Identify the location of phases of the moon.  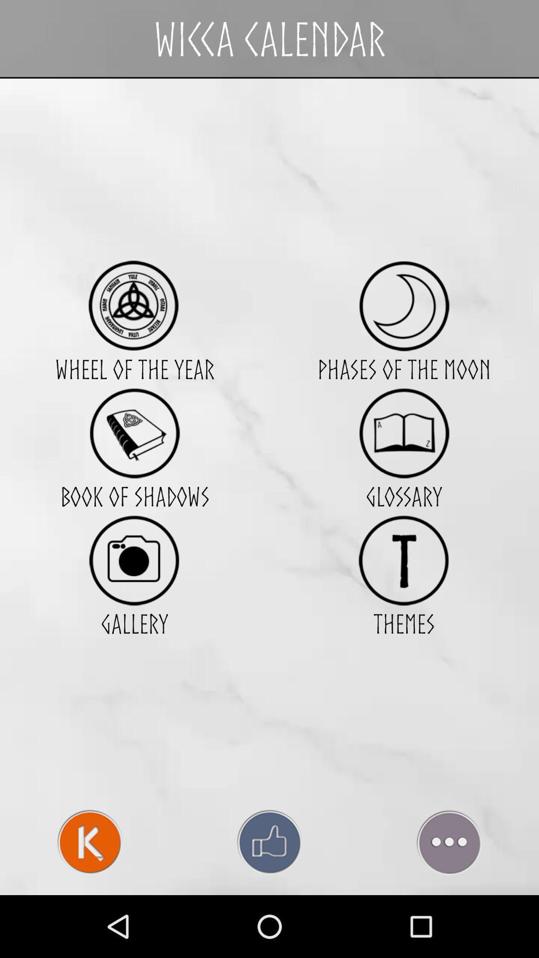
(403, 305).